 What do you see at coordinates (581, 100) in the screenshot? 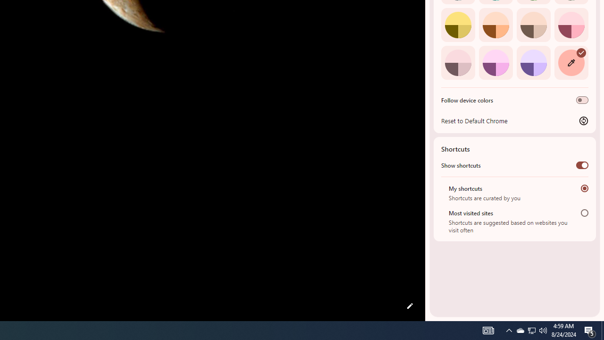
I see `'Follow device colors'` at bounding box center [581, 100].